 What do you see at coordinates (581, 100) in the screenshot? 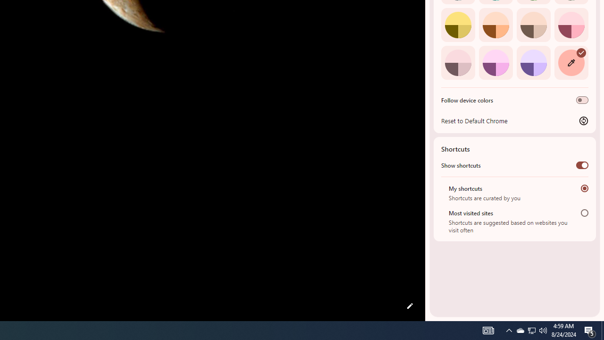
I see `'Follow device colors'` at bounding box center [581, 100].